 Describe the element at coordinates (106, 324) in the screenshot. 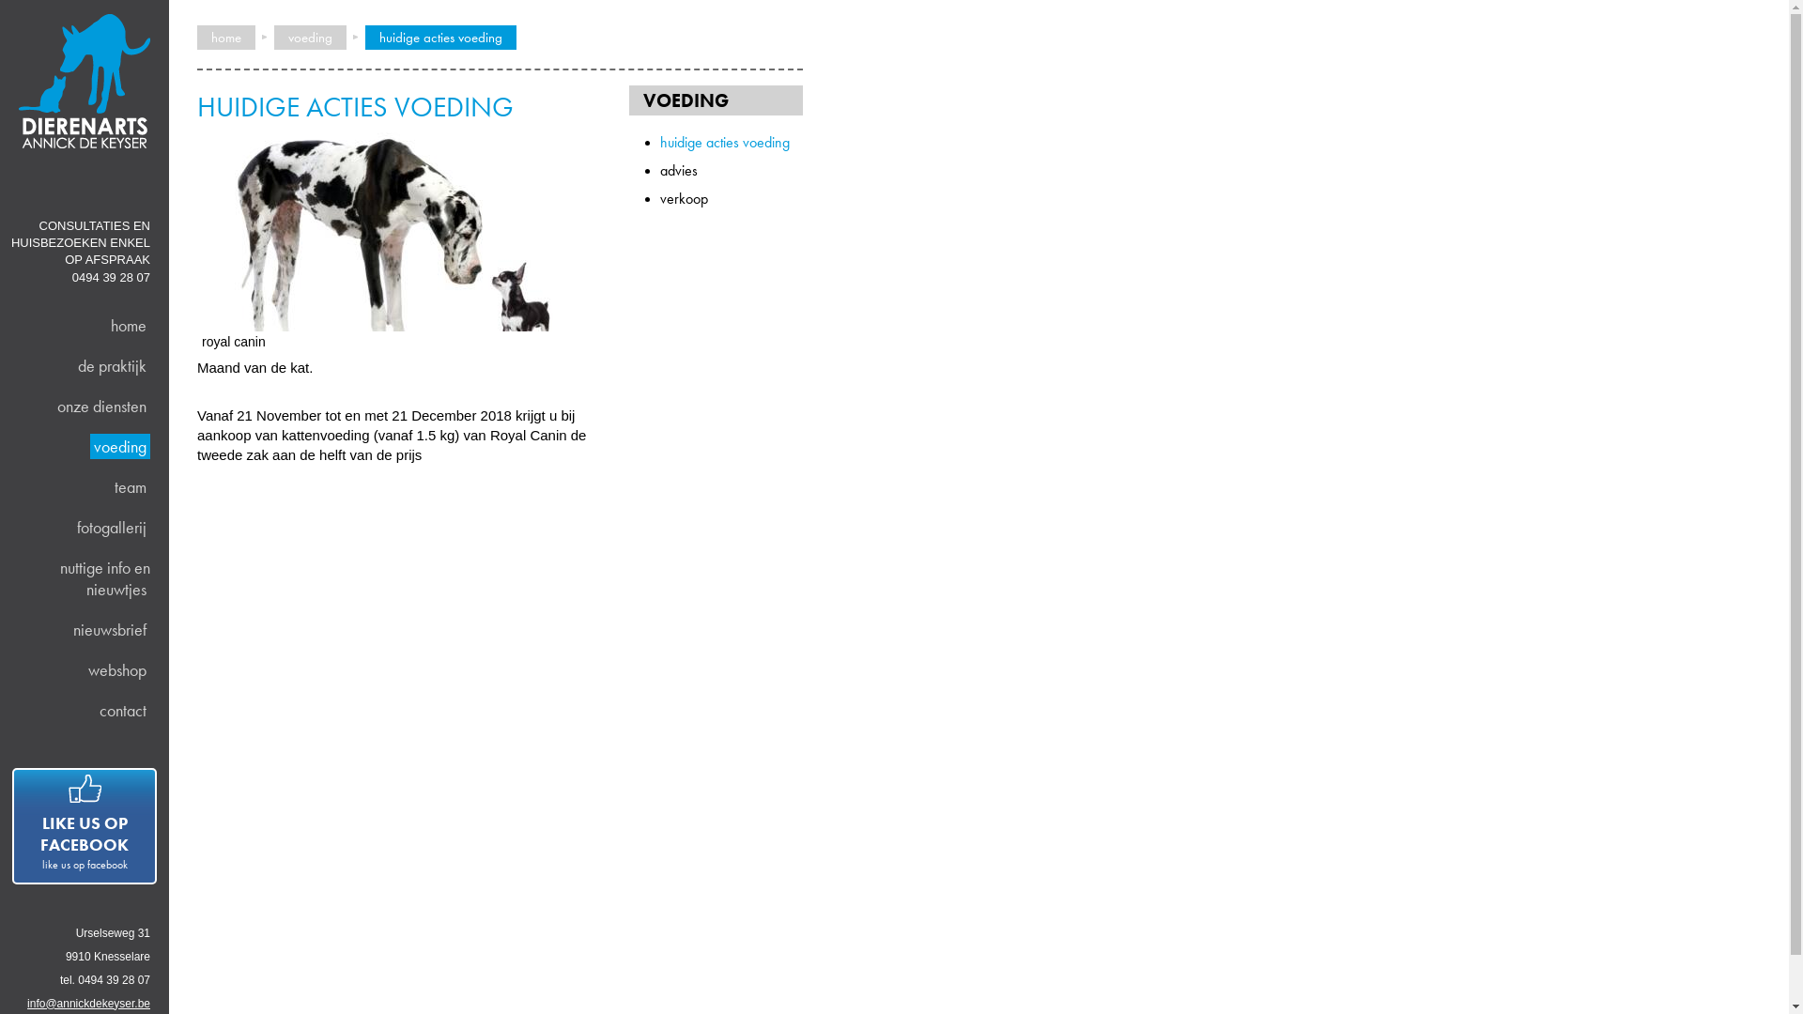

I see `'home'` at that location.